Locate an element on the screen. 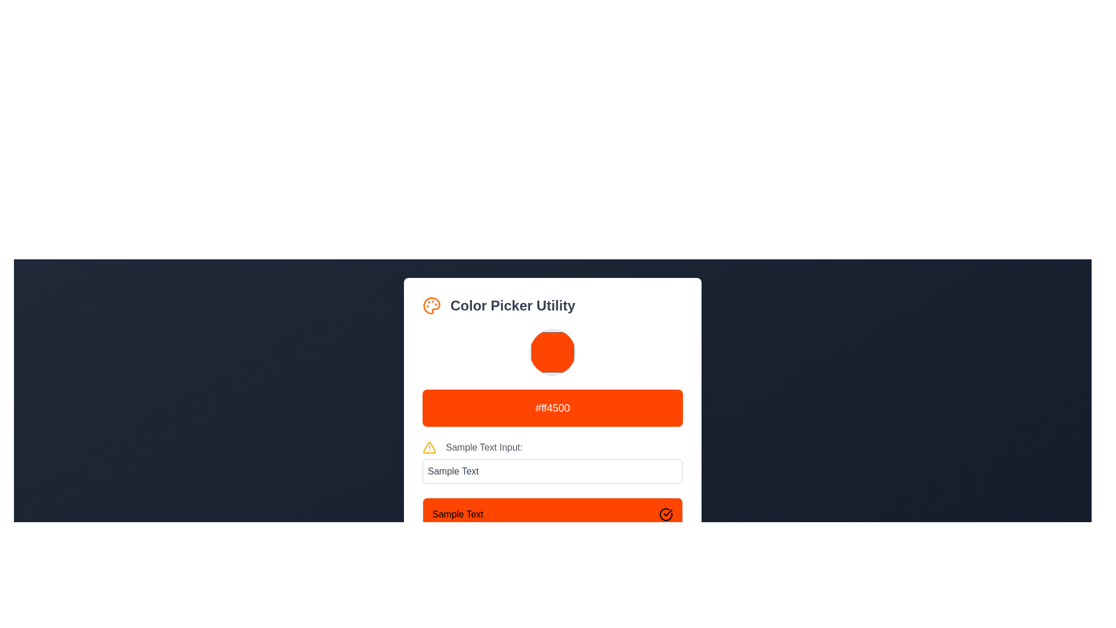  the triangular warning icon with a yellow outline and an exclamation mark located to the left of the text 'Sample Text Input:' is located at coordinates (429, 447).